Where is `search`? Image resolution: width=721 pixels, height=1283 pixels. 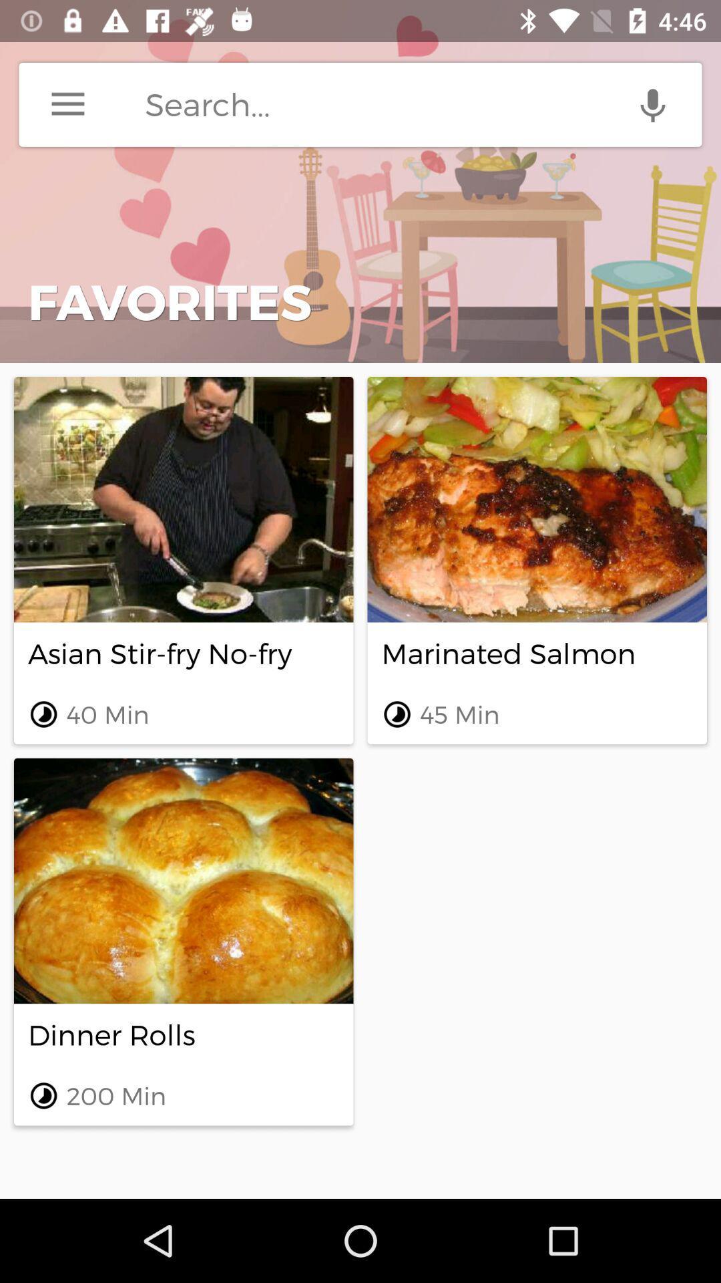 search is located at coordinates (423, 104).